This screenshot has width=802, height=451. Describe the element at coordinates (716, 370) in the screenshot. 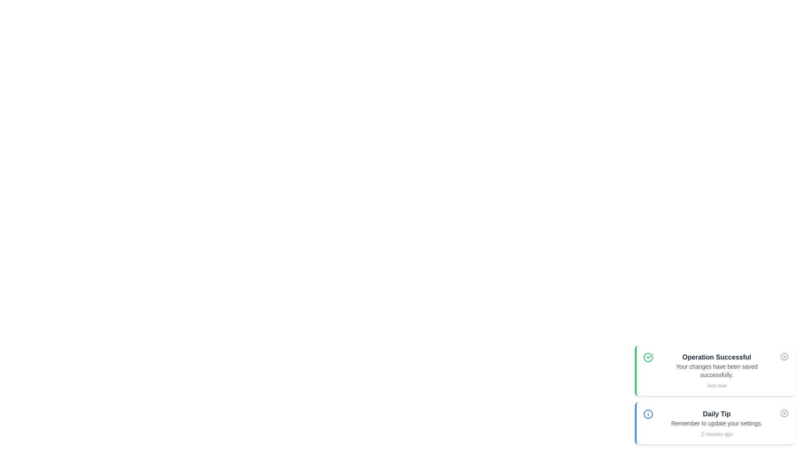

I see `feedback text that confirms changes have been successfully saved, located in the notification card beneath the 'Operation Successful' text and above the 'Just now' timestamp` at that location.